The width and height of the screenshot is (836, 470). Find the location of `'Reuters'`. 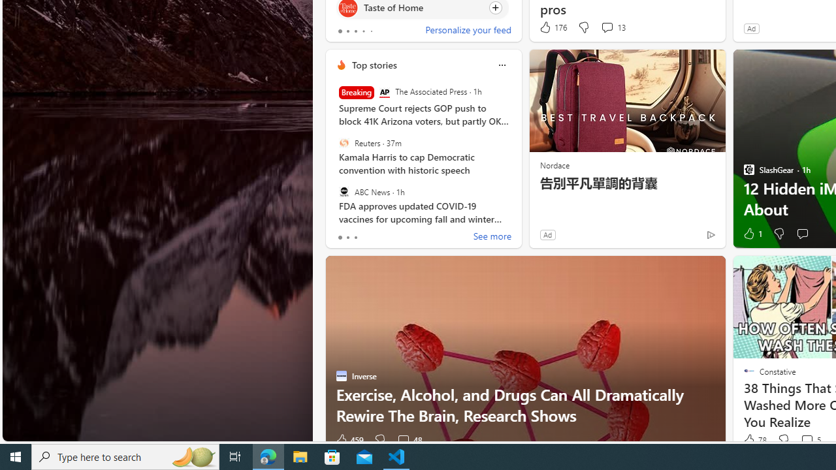

'Reuters' is located at coordinates (344, 143).